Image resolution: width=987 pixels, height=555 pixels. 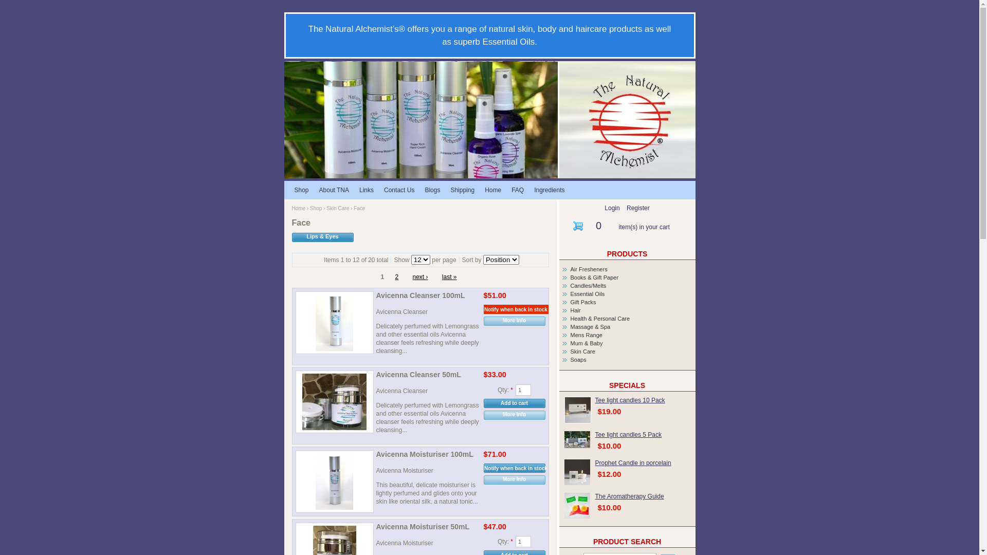 What do you see at coordinates (577, 472) in the screenshot?
I see `'Prophet Candle'` at bounding box center [577, 472].